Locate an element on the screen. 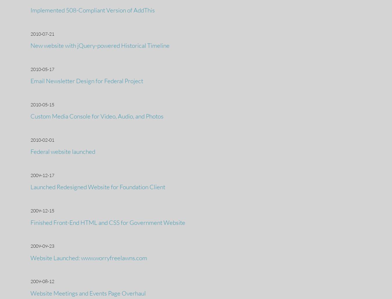  '2009-12-17' is located at coordinates (42, 175).